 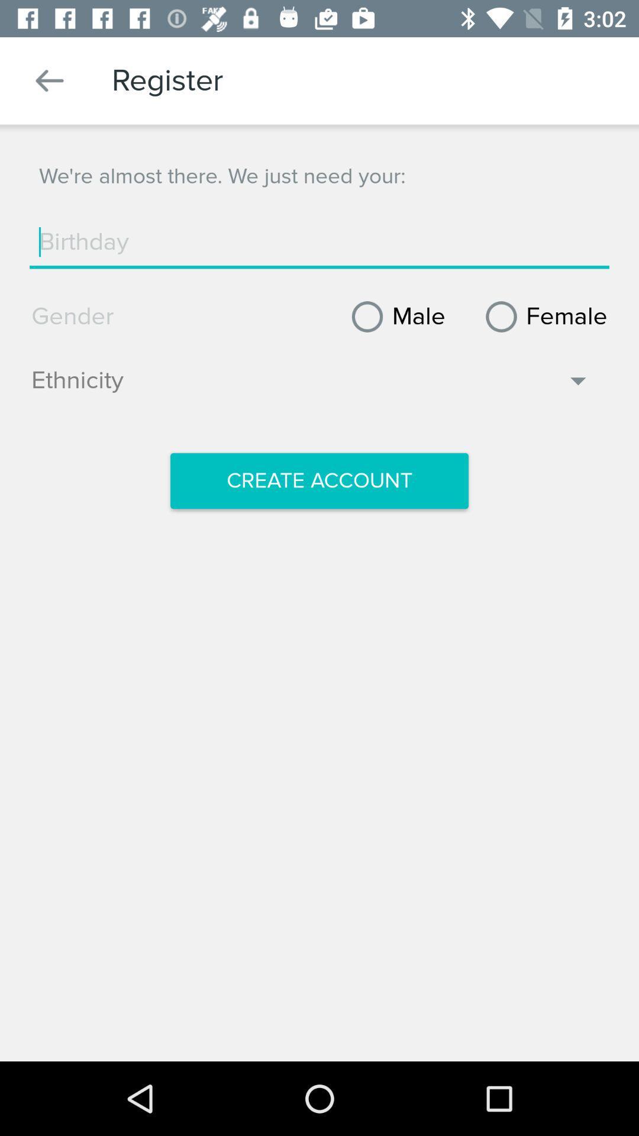 What do you see at coordinates (311, 386) in the screenshot?
I see `ethnicity option` at bounding box center [311, 386].